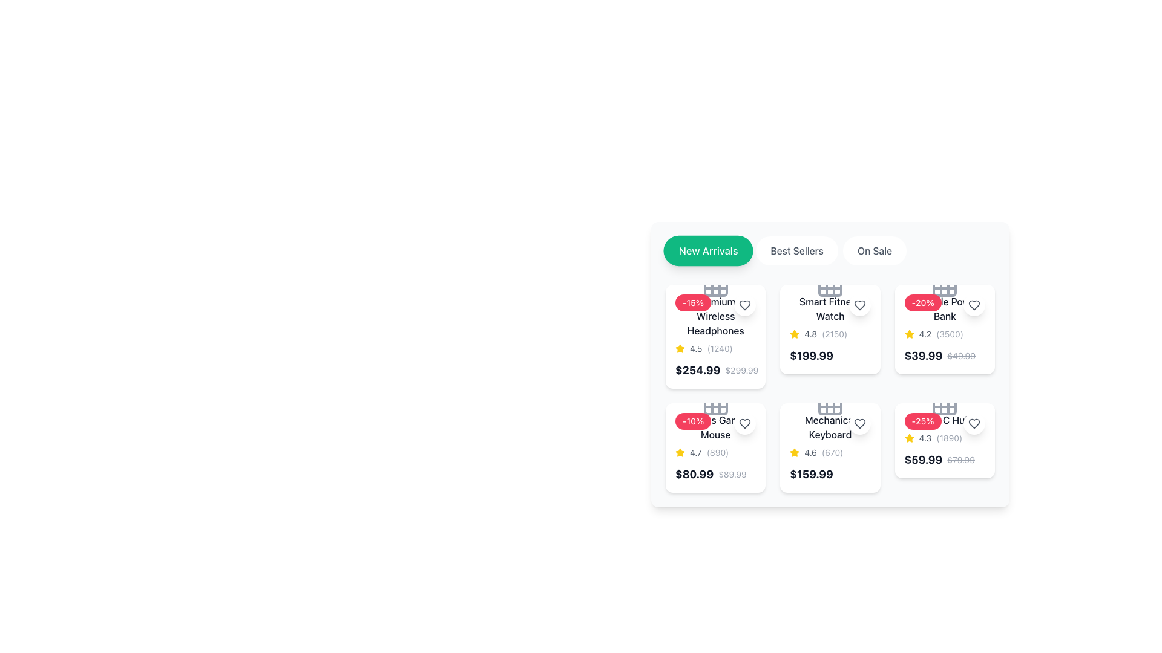 Image resolution: width=1162 pixels, height=653 pixels. What do you see at coordinates (708, 250) in the screenshot?
I see `the 'New Arrivals' button, which is the first button in a horizontal group of three buttons, to filter products by 'New Arrivals'` at bounding box center [708, 250].